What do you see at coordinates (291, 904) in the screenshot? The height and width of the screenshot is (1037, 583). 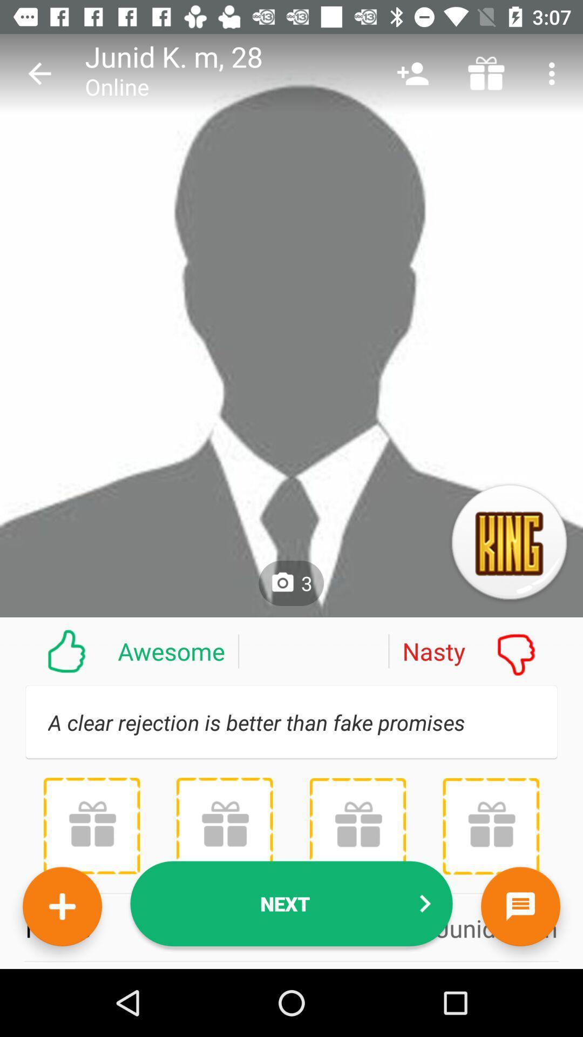 I see `next` at bounding box center [291, 904].